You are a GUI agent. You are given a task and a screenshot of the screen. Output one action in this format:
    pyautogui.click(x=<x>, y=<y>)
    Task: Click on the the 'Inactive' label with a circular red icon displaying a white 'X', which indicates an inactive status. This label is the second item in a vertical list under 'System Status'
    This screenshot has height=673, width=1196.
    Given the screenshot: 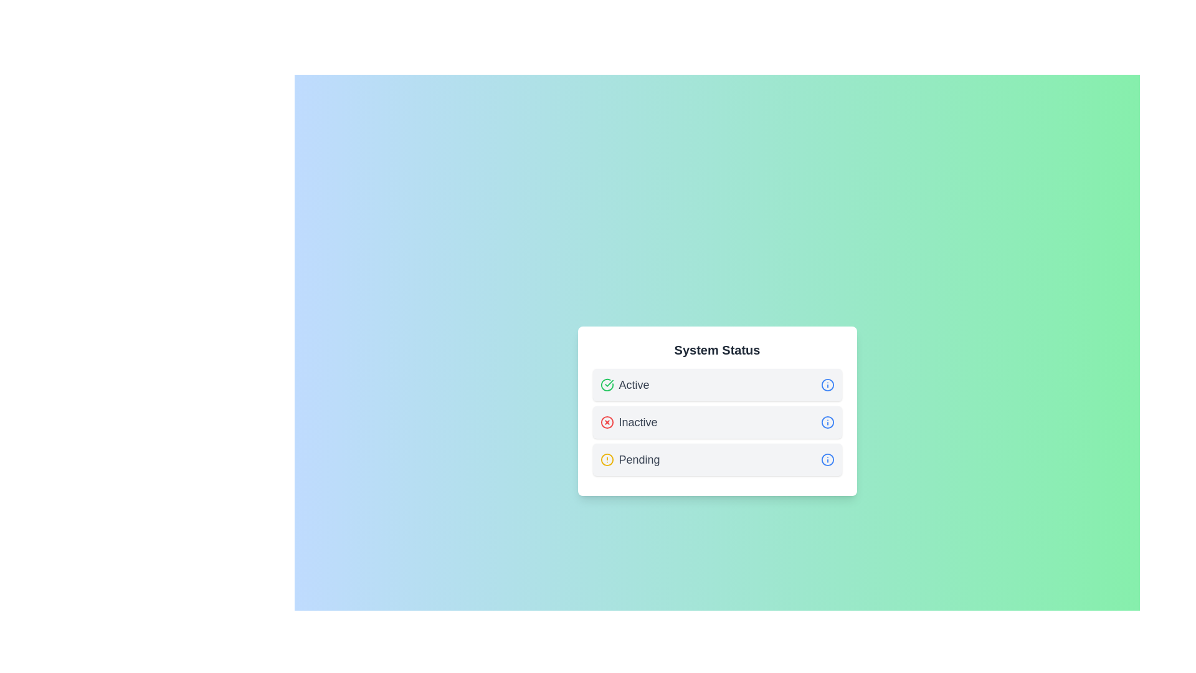 What is the action you would take?
    pyautogui.click(x=629, y=422)
    